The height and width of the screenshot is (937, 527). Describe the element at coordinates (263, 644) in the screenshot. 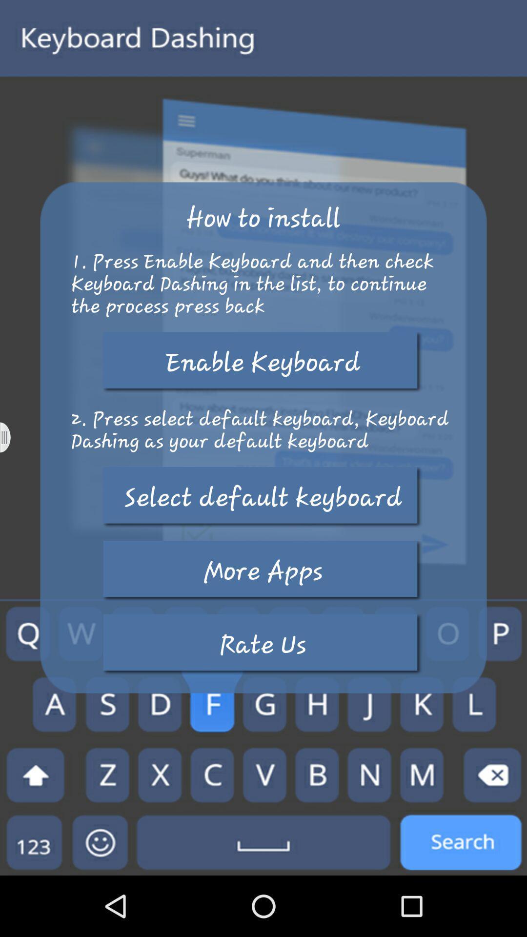

I see `rate us button` at that location.